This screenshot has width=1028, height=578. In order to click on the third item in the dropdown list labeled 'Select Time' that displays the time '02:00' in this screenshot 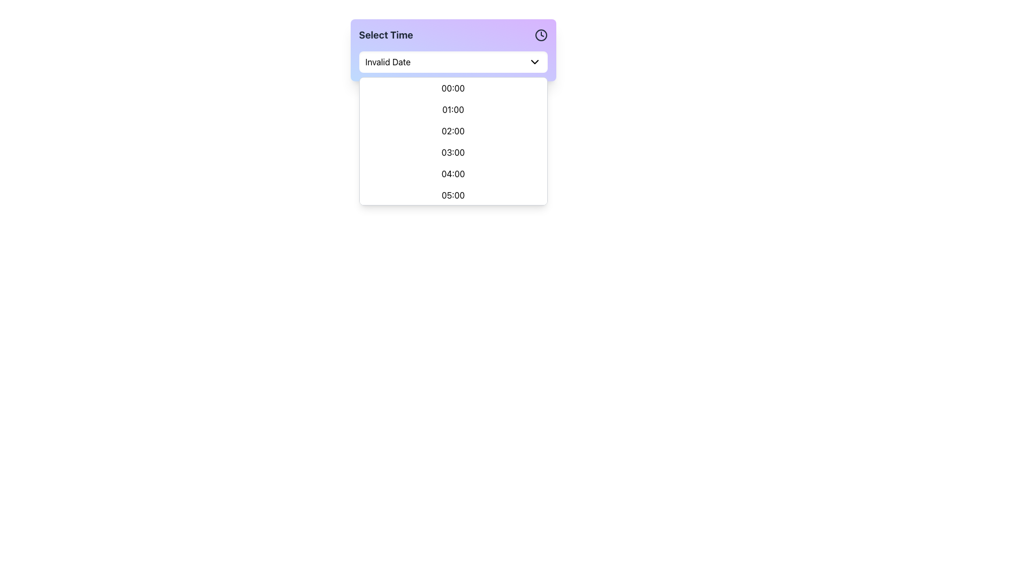, I will do `click(453, 140)`.